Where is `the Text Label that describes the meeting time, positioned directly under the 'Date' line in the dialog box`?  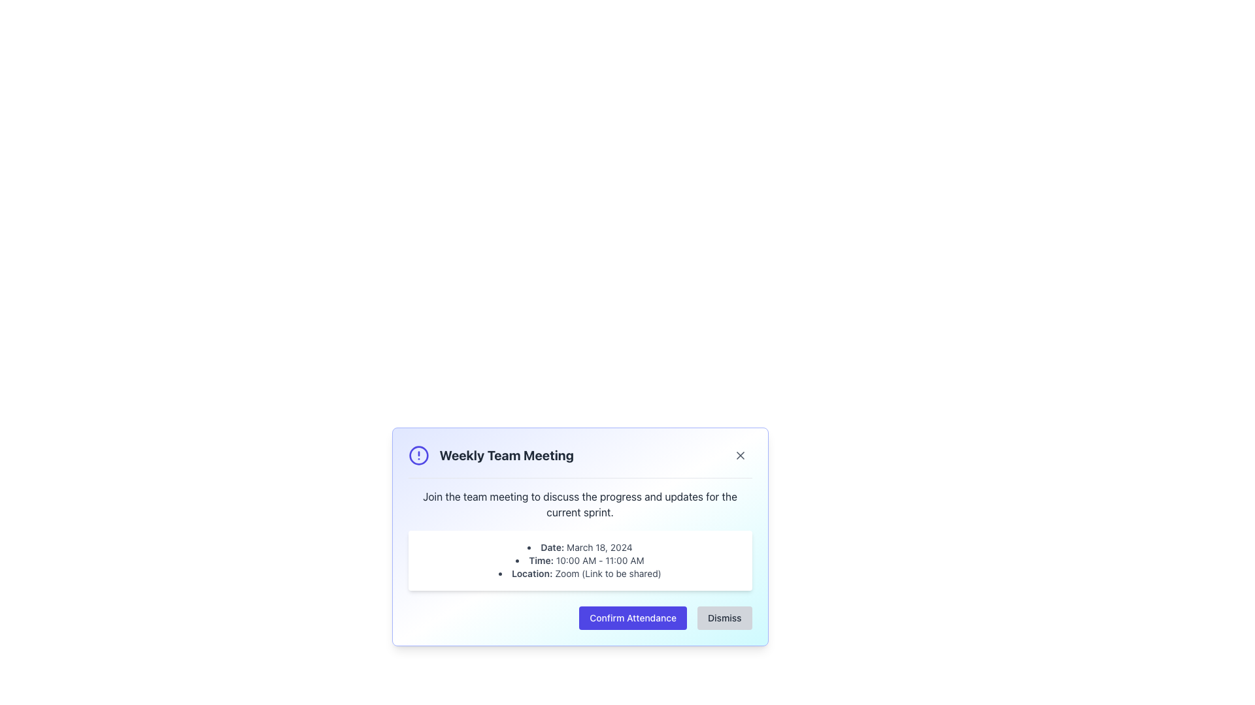 the Text Label that describes the meeting time, positioned directly under the 'Date' line in the dialog box is located at coordinates (541, 559).